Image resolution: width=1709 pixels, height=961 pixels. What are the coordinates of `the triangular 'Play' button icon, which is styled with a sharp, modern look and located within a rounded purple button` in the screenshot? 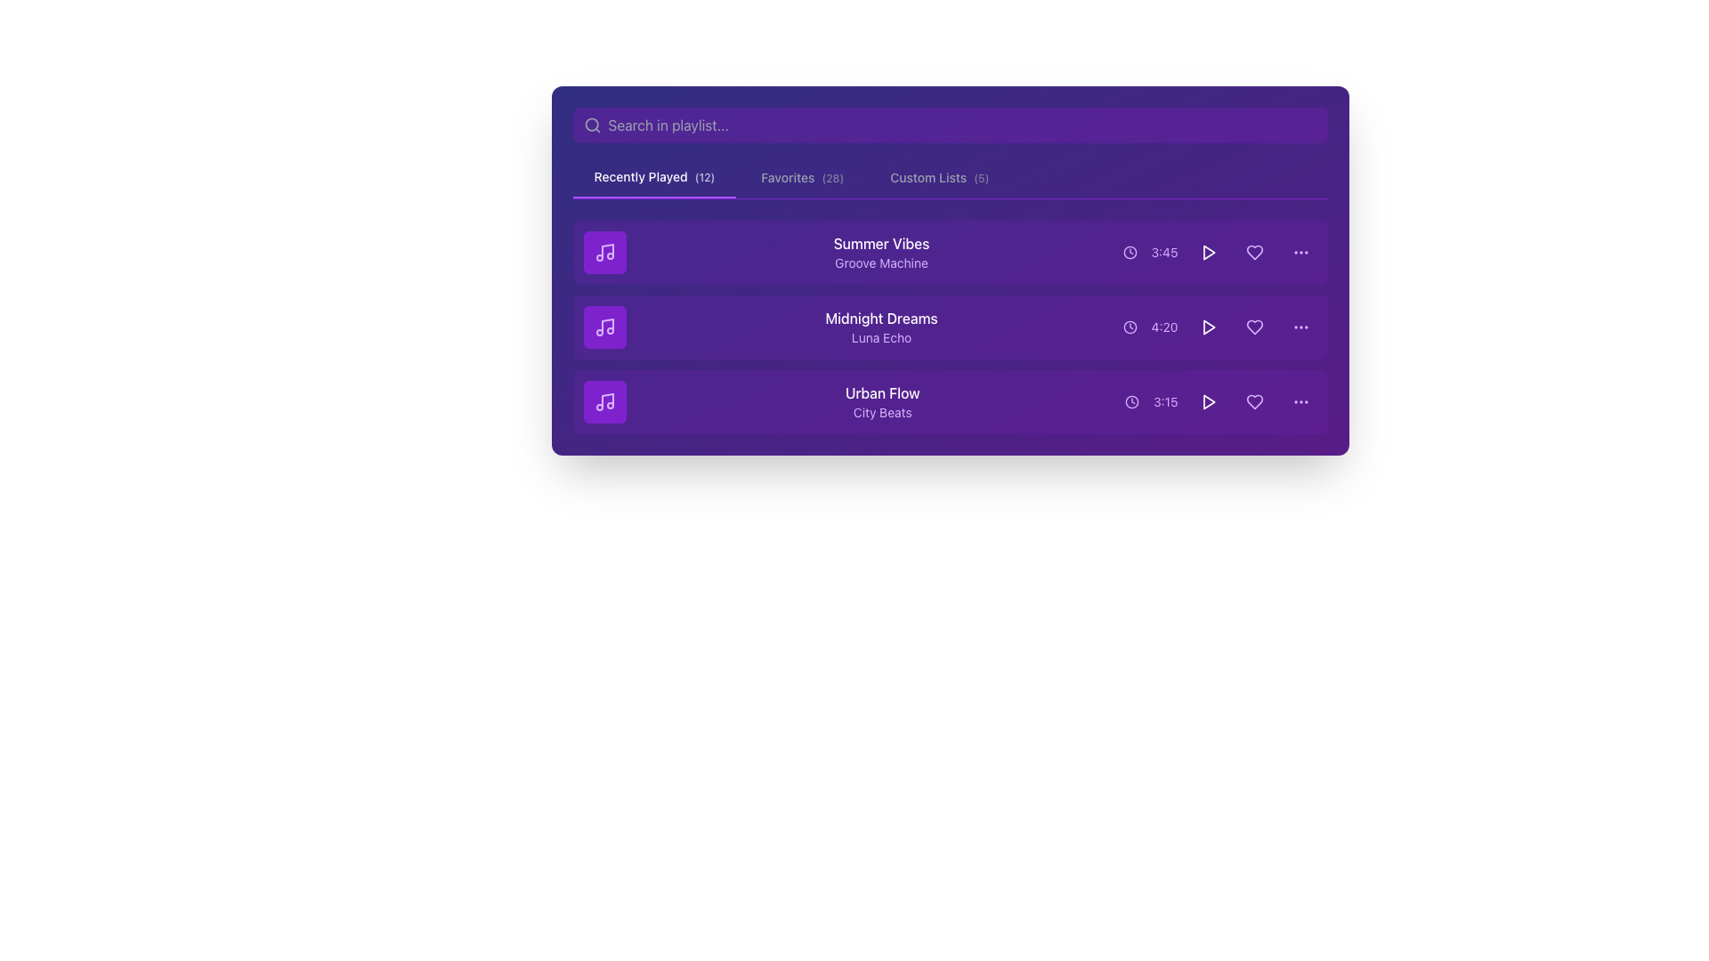 It's located at (1208, 401).